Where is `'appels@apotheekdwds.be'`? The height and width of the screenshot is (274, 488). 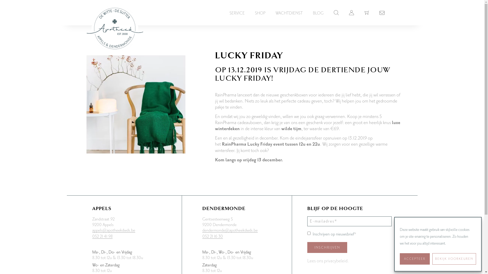
'appels@apotheekdwds.be' is located at coordinates (113, 230).